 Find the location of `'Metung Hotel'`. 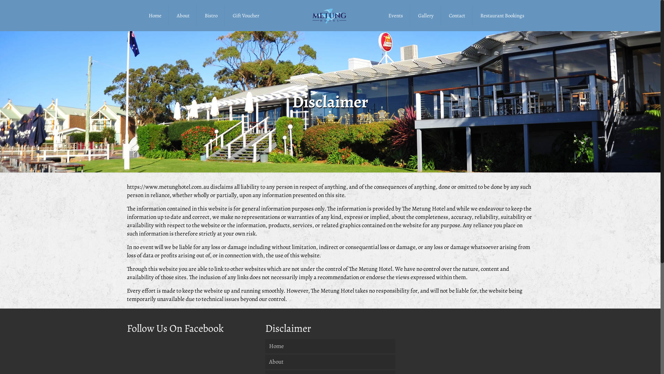

'Metung Hotel' is located at coordinates (330, 16).